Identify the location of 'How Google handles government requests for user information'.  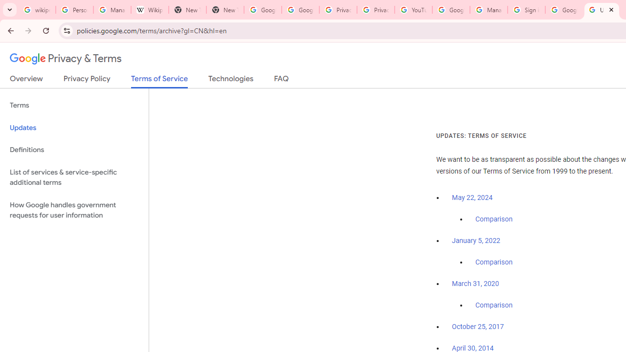
(74, 209).